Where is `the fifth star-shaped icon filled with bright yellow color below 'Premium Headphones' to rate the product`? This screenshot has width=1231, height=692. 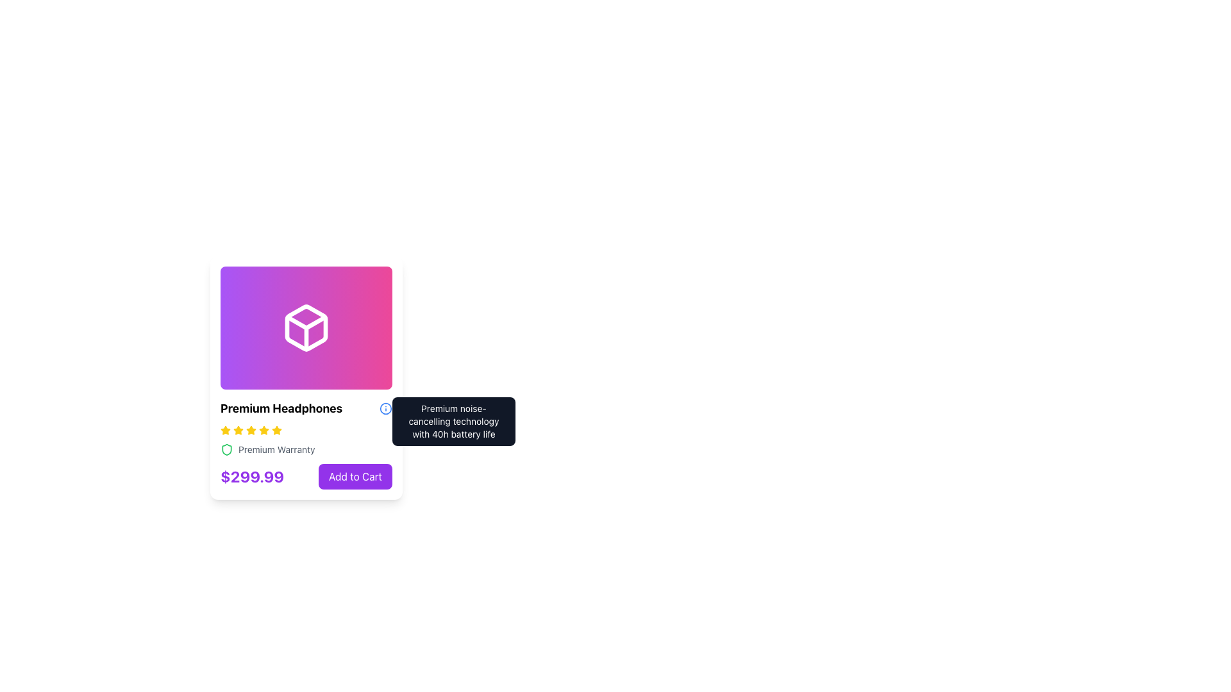
the fifth star-shaped icon filled with bright yellow color below 'Premium Headphones' to rate the product is located at coordinates (264, 430).